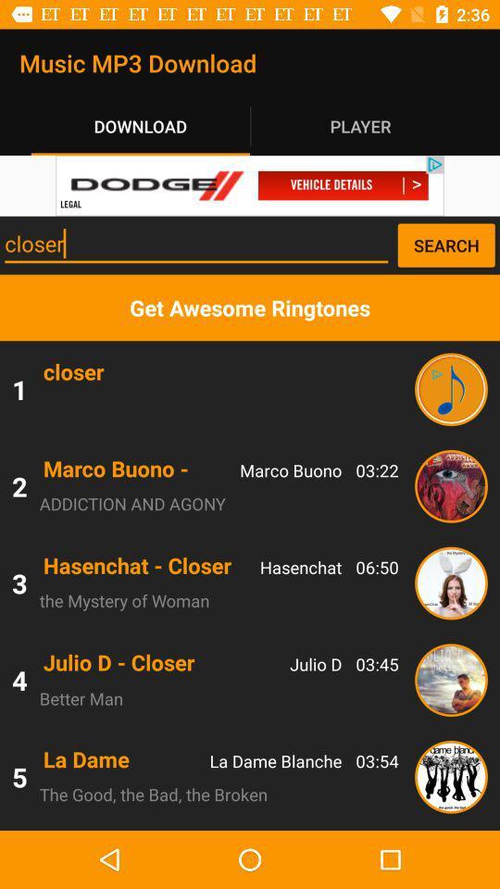  Describe the element at coordinates (250, 185) in the screenshot. I see `open advertisement` at that location.